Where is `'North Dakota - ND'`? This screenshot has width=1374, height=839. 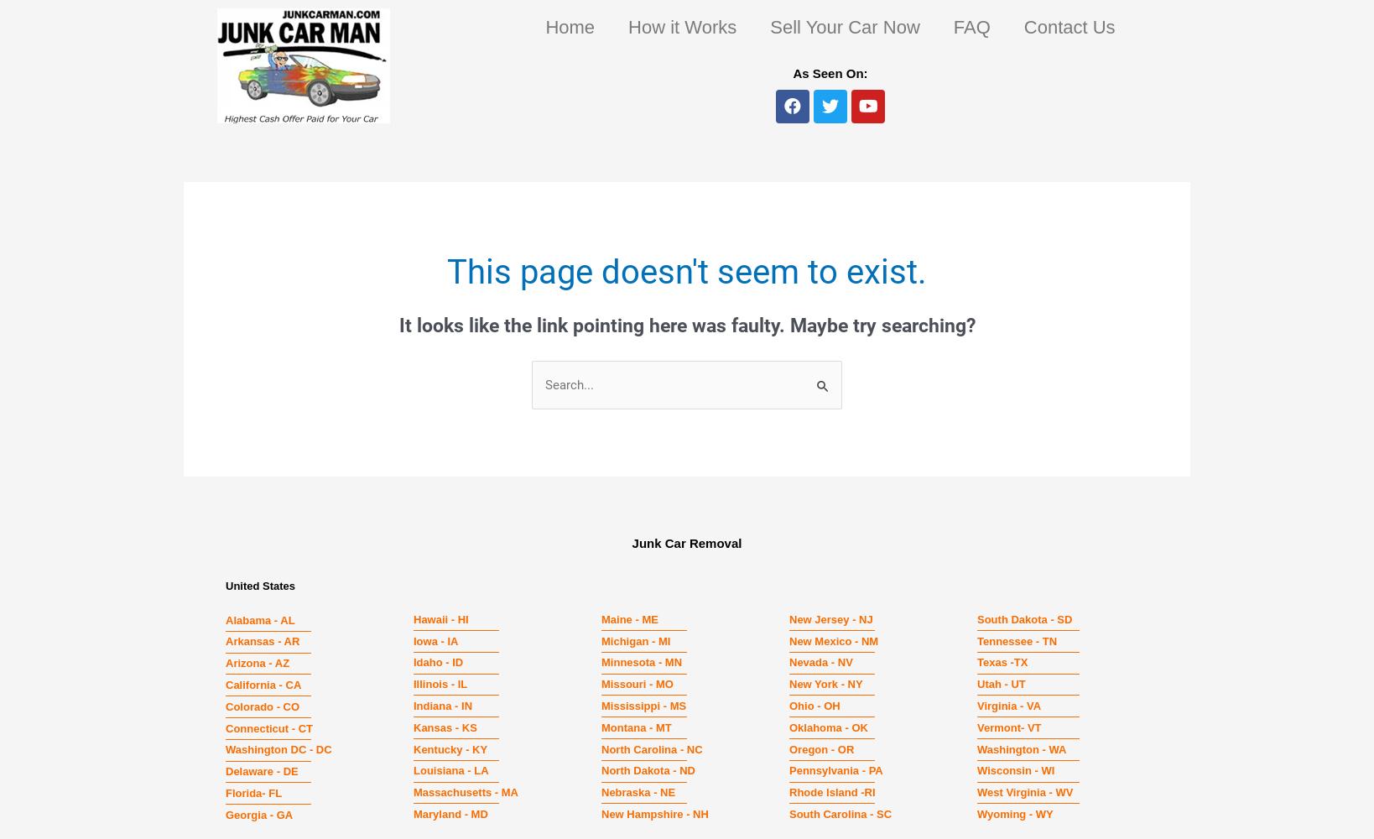 'North Dakota - ND' is located at coordinates (648, 770).